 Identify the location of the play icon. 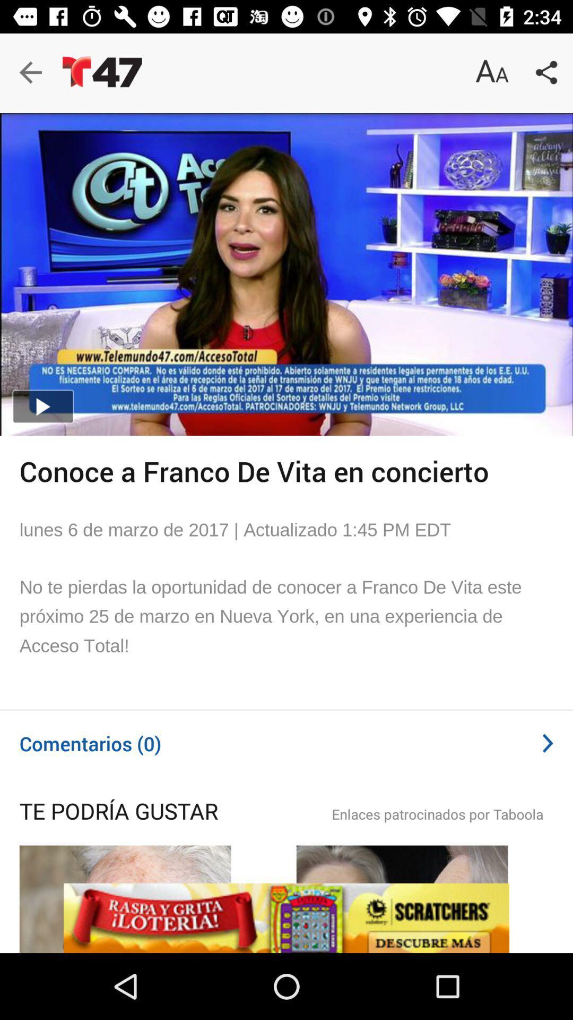
(42, 405).